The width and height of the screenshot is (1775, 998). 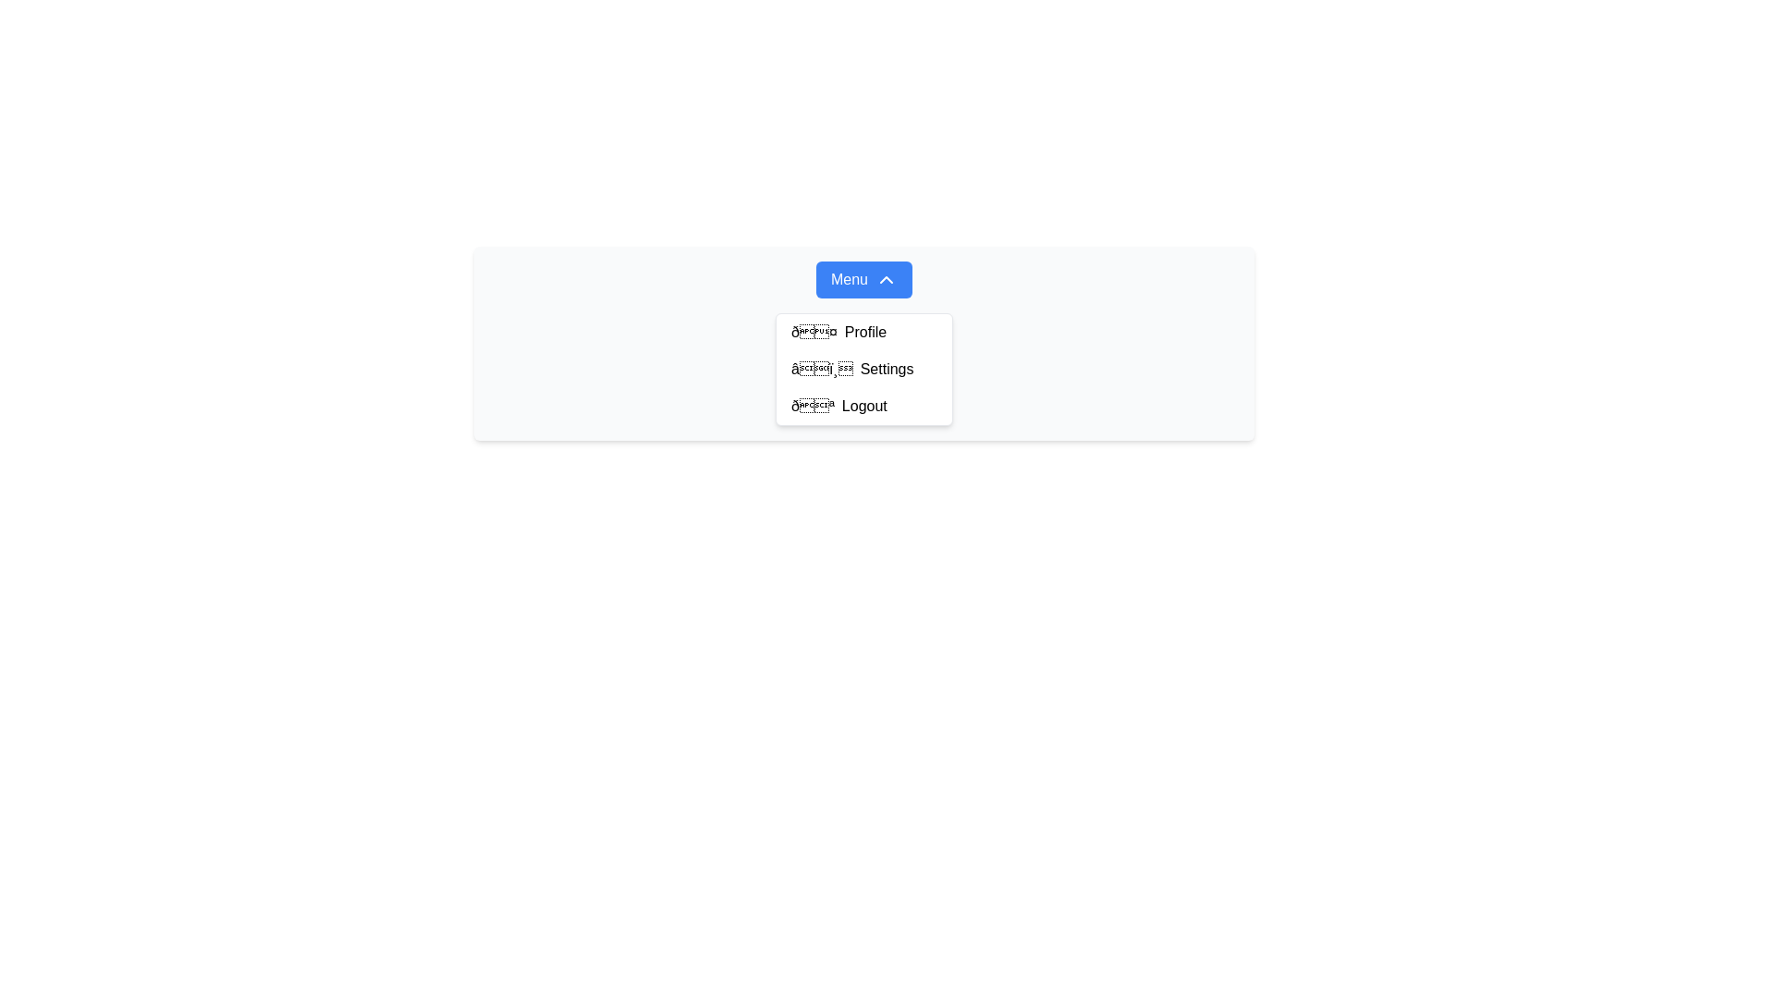 What do you see at coordinates (863, 370) in the screenshot?
I see `the 'Settings' menu item, which consists of a gear icon on the left and the text 'Settings' on the right, positioned centrally within the menu list` at bounding box center [863, 370].